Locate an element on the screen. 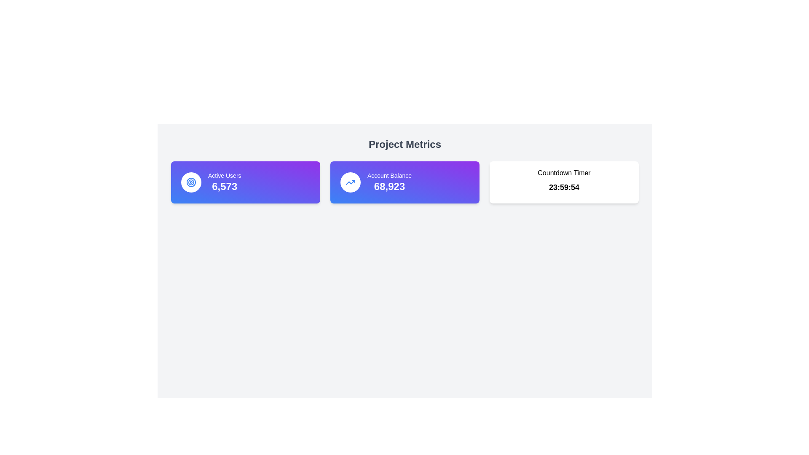 This screenshot has height=455, width=809. the concentric circle icon resembling a target symbol, located within the 'Active Users' card above the numerical value '6,573' is located at coordinates (191, 182).